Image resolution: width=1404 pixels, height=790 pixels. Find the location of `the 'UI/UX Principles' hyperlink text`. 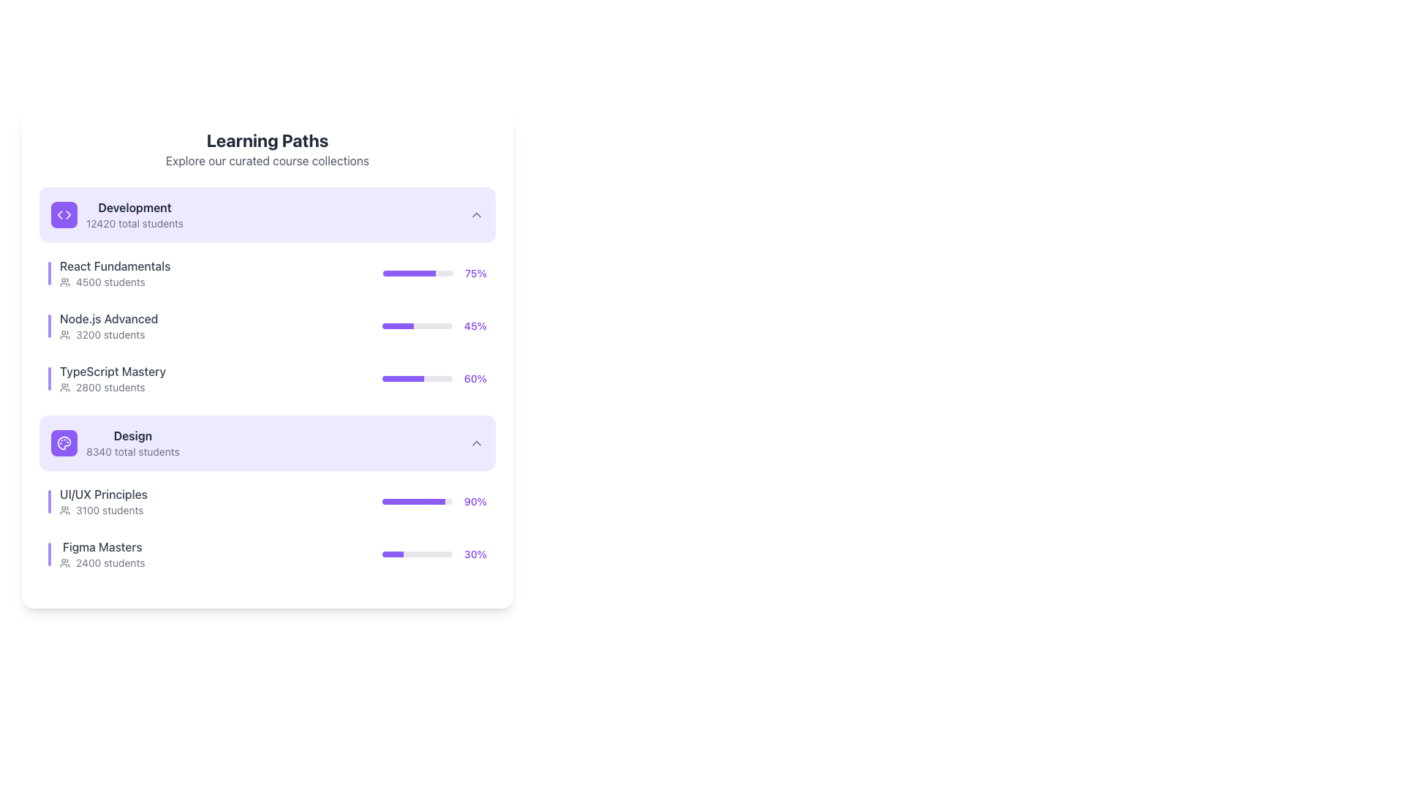

the 'UI/UX Principles' hyperlink text is located at coordinates (102, 494).